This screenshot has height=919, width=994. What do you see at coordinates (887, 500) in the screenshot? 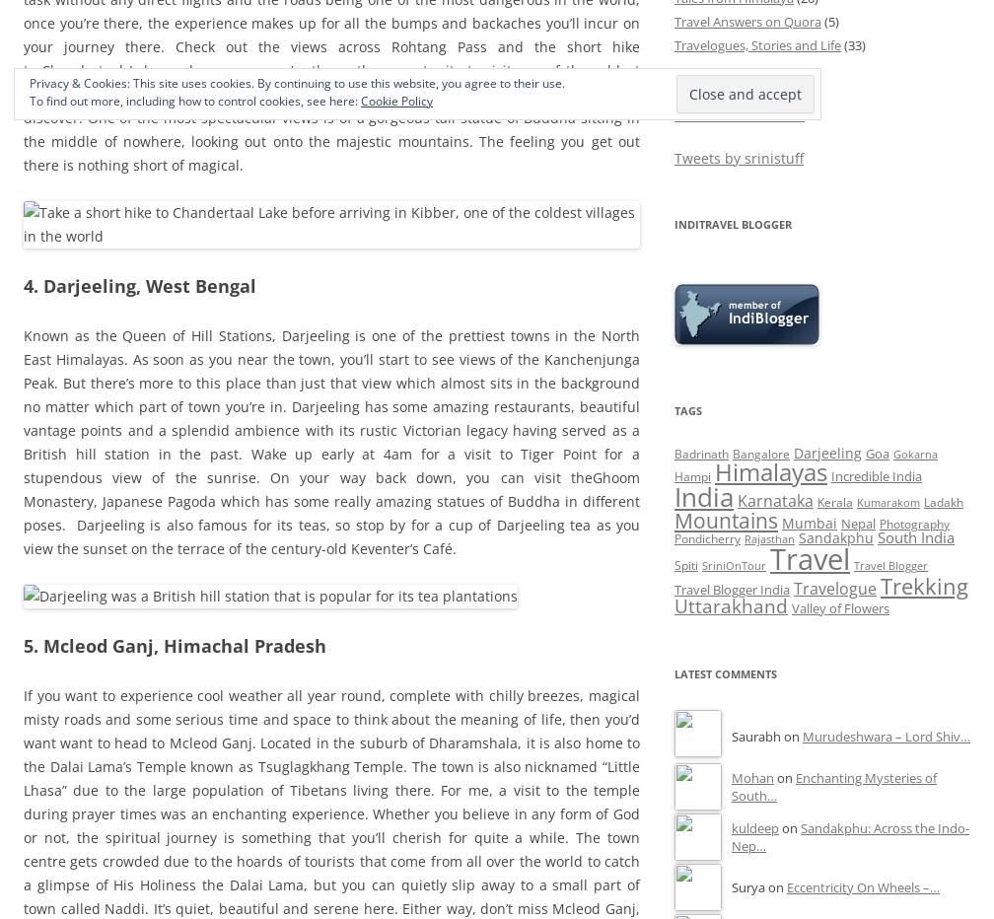
I see `'Kumarakom'` at bounding box center [887, 500].